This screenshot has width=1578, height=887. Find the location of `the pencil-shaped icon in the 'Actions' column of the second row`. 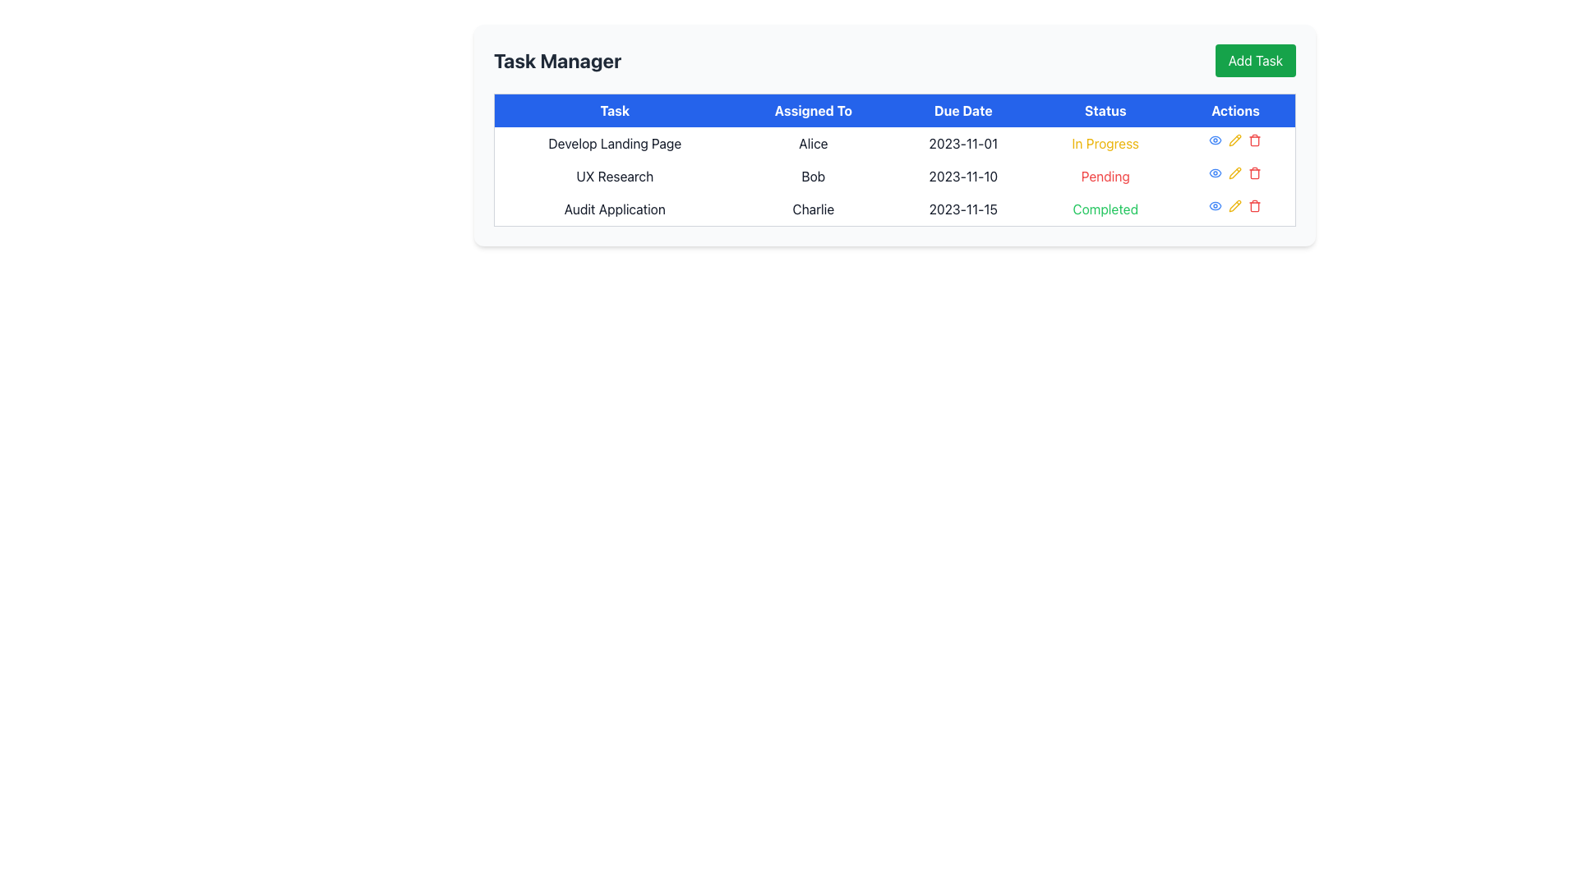

the pencil-shaped icon in the 'Actions' column of the second row is located at coordinates (1235, 173).